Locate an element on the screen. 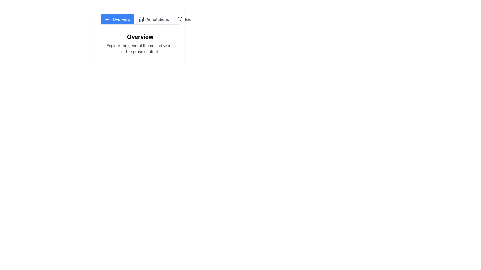 The image size is (481, 270). the icon shaped like double quotation marks, located in the header menu bar to the left of the 'Annotations' text is located at coordinates (141, 19).